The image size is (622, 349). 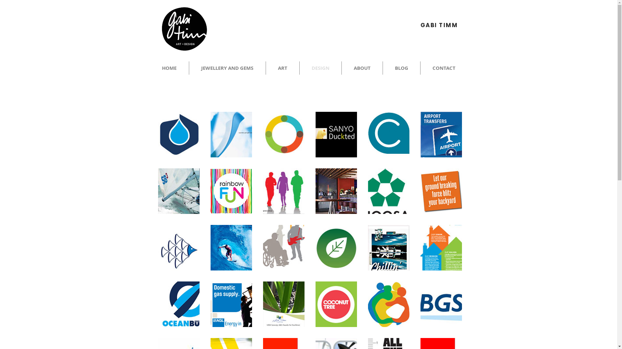 What do you see at coordinates (401, 68) in the screenshot?
I see `'BLOG'` at bounding box center [401, 68].